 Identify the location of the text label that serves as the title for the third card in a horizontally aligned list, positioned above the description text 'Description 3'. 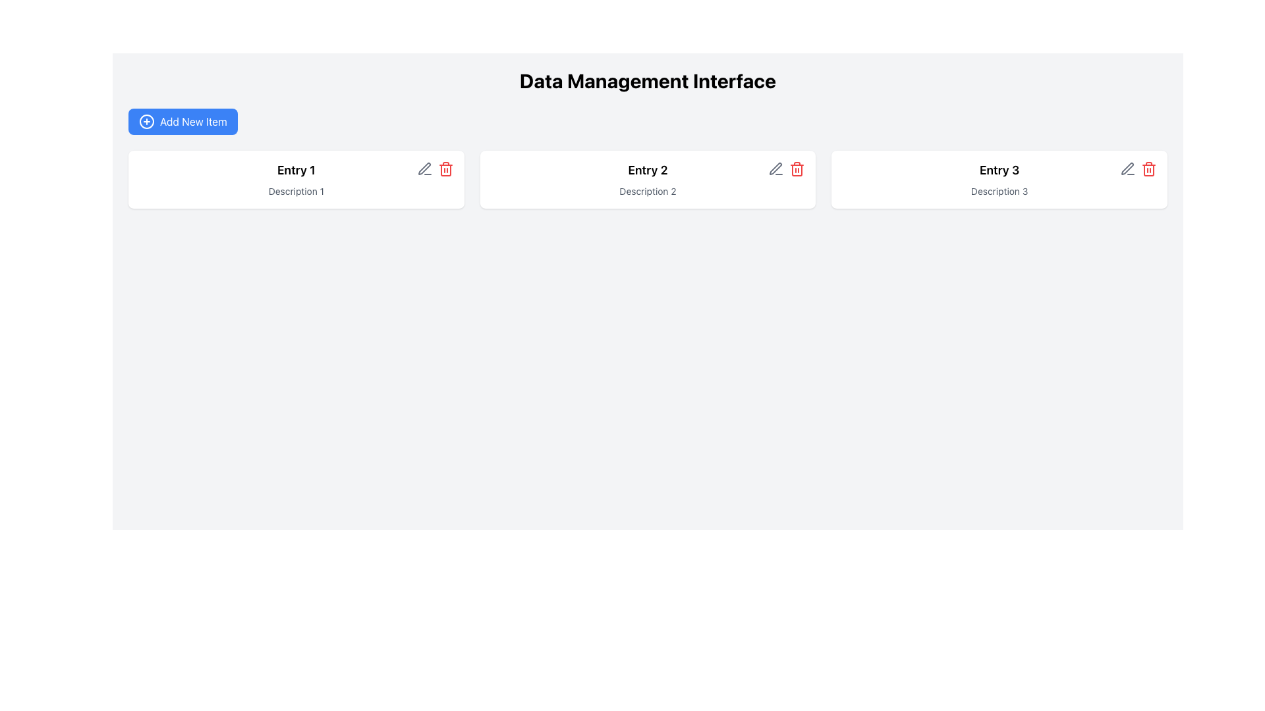
(999, 169).